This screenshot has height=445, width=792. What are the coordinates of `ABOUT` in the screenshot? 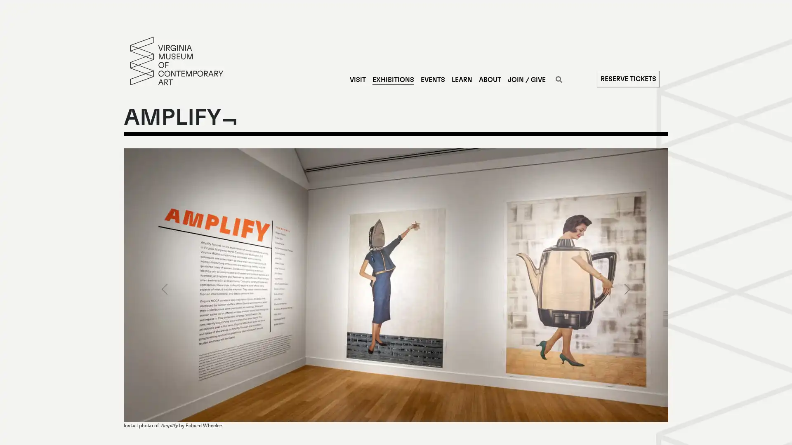 It's located at (489, 80).